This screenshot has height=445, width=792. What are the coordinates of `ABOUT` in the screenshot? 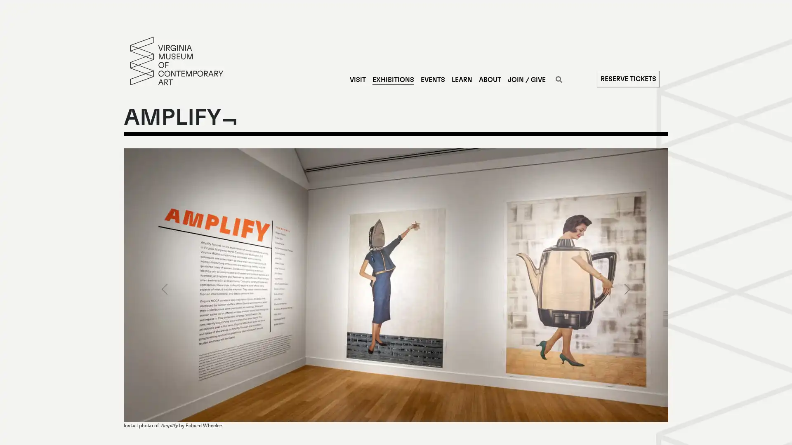 It's located at (489, 80).